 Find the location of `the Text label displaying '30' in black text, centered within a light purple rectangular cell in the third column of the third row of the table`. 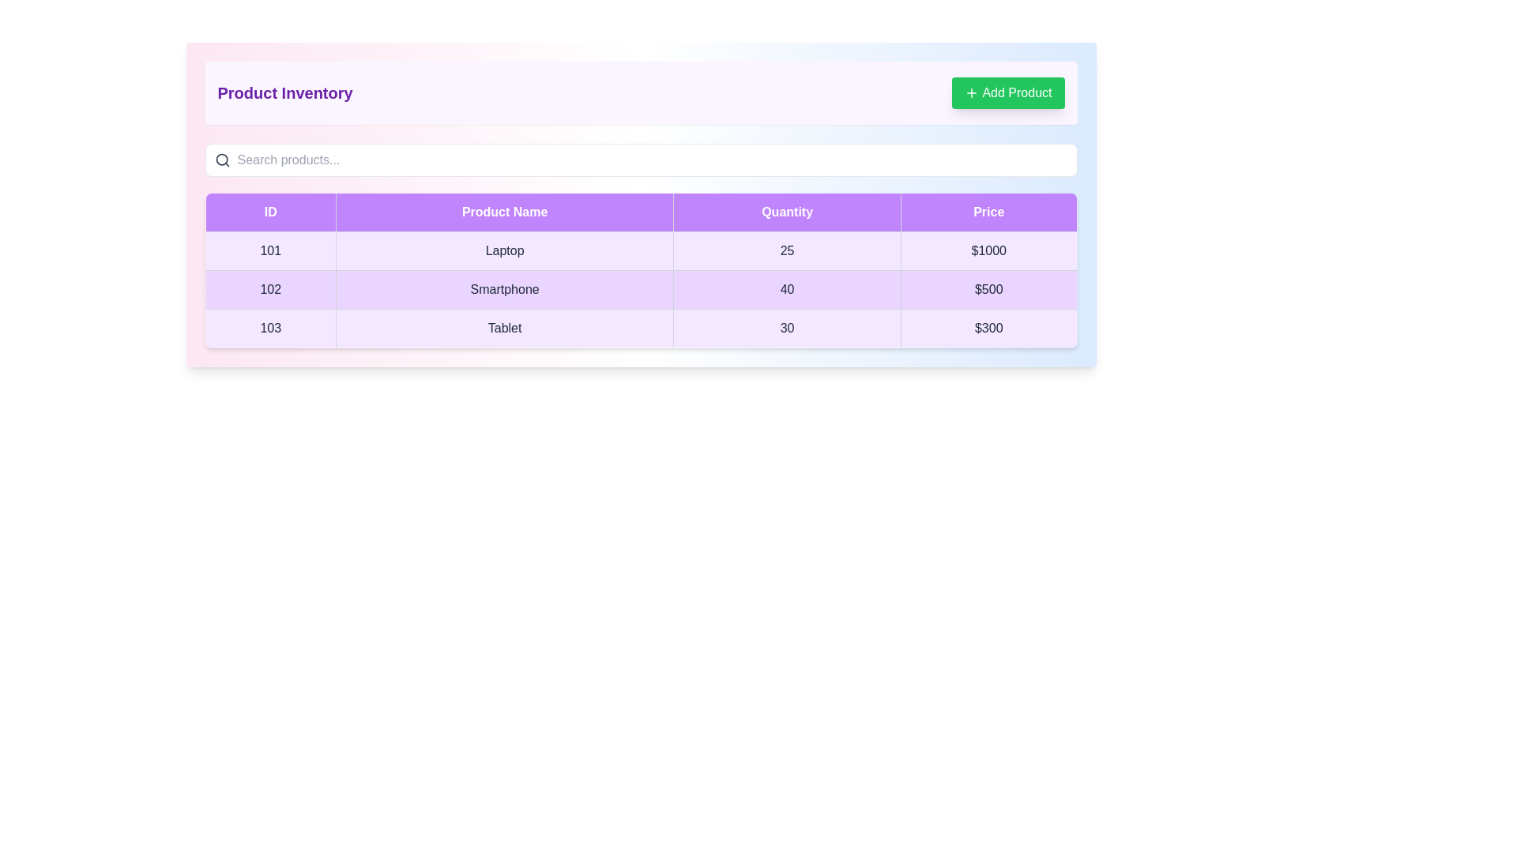

the Text label displaying '30' in black text, centered within a light purple rectangular cell in the third column of the third row of the table is located at coordinates (787, 328).